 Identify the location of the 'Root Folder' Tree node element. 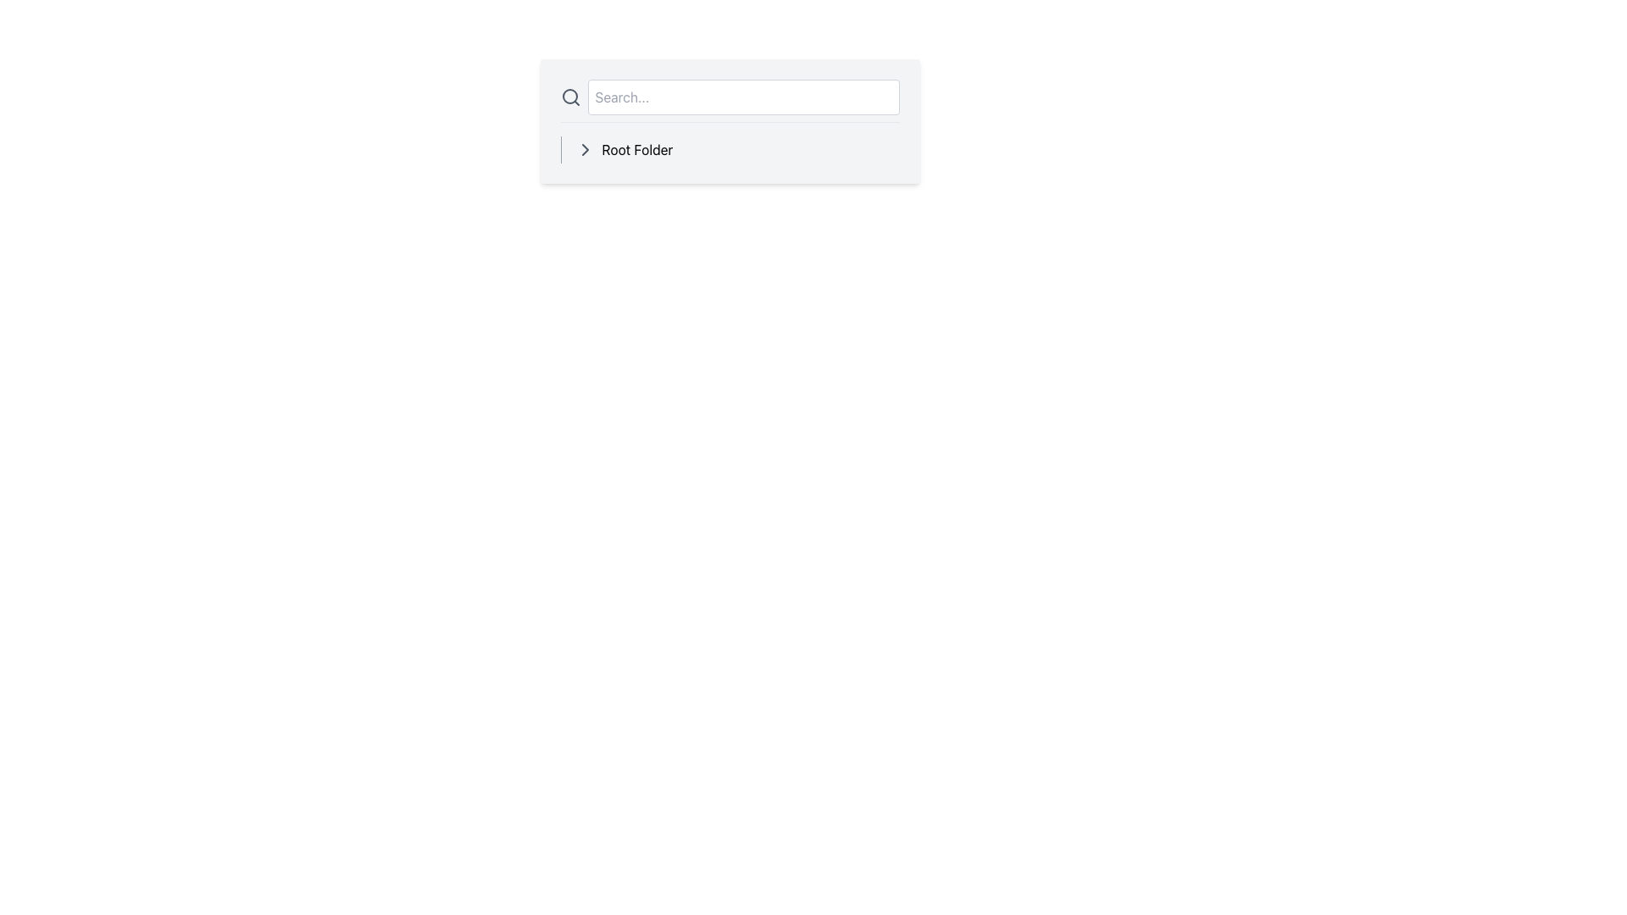
(730, 149).